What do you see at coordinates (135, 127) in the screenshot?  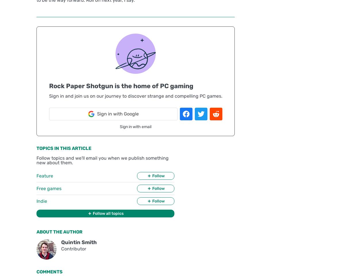 I see `'Sign in with email'` at bounding box center [135, 127].